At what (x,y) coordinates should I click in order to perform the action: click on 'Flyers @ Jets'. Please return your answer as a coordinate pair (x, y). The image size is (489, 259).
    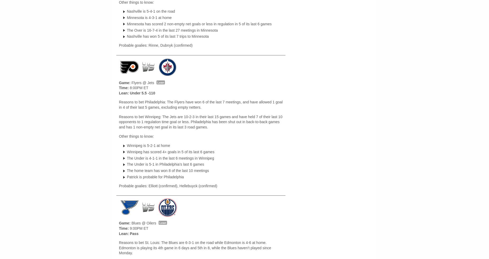
    Looking at the image, I should click on (130, 82).